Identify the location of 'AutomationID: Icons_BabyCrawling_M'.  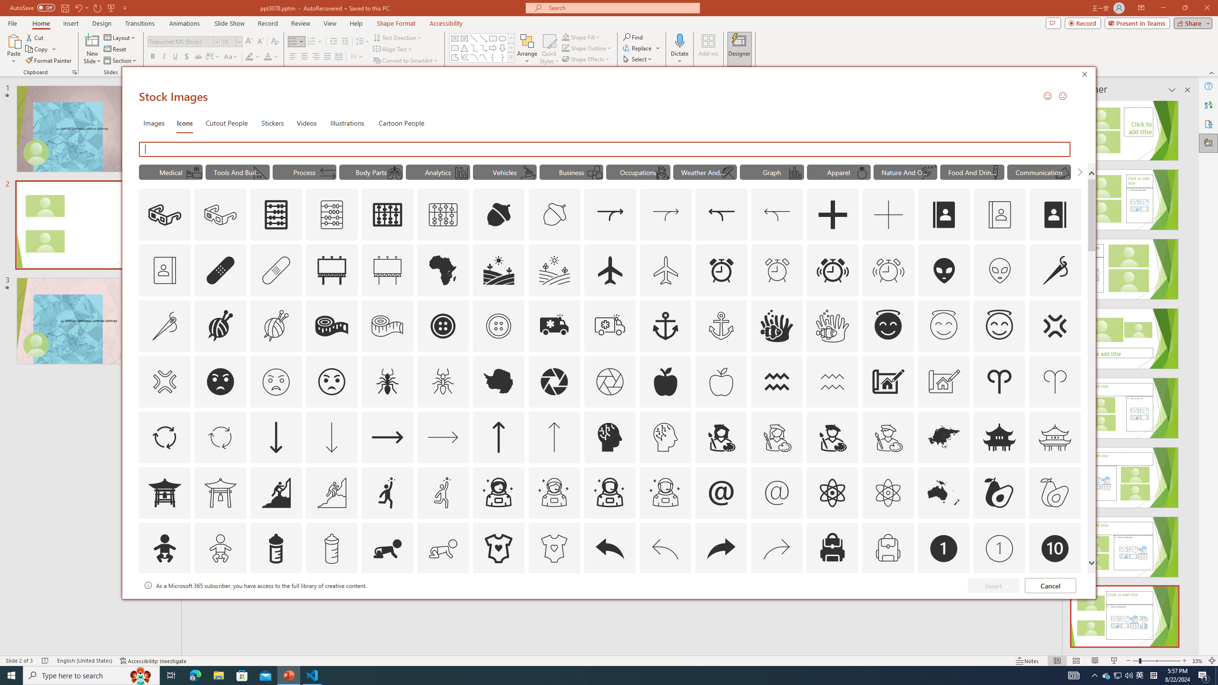
(442, 548).